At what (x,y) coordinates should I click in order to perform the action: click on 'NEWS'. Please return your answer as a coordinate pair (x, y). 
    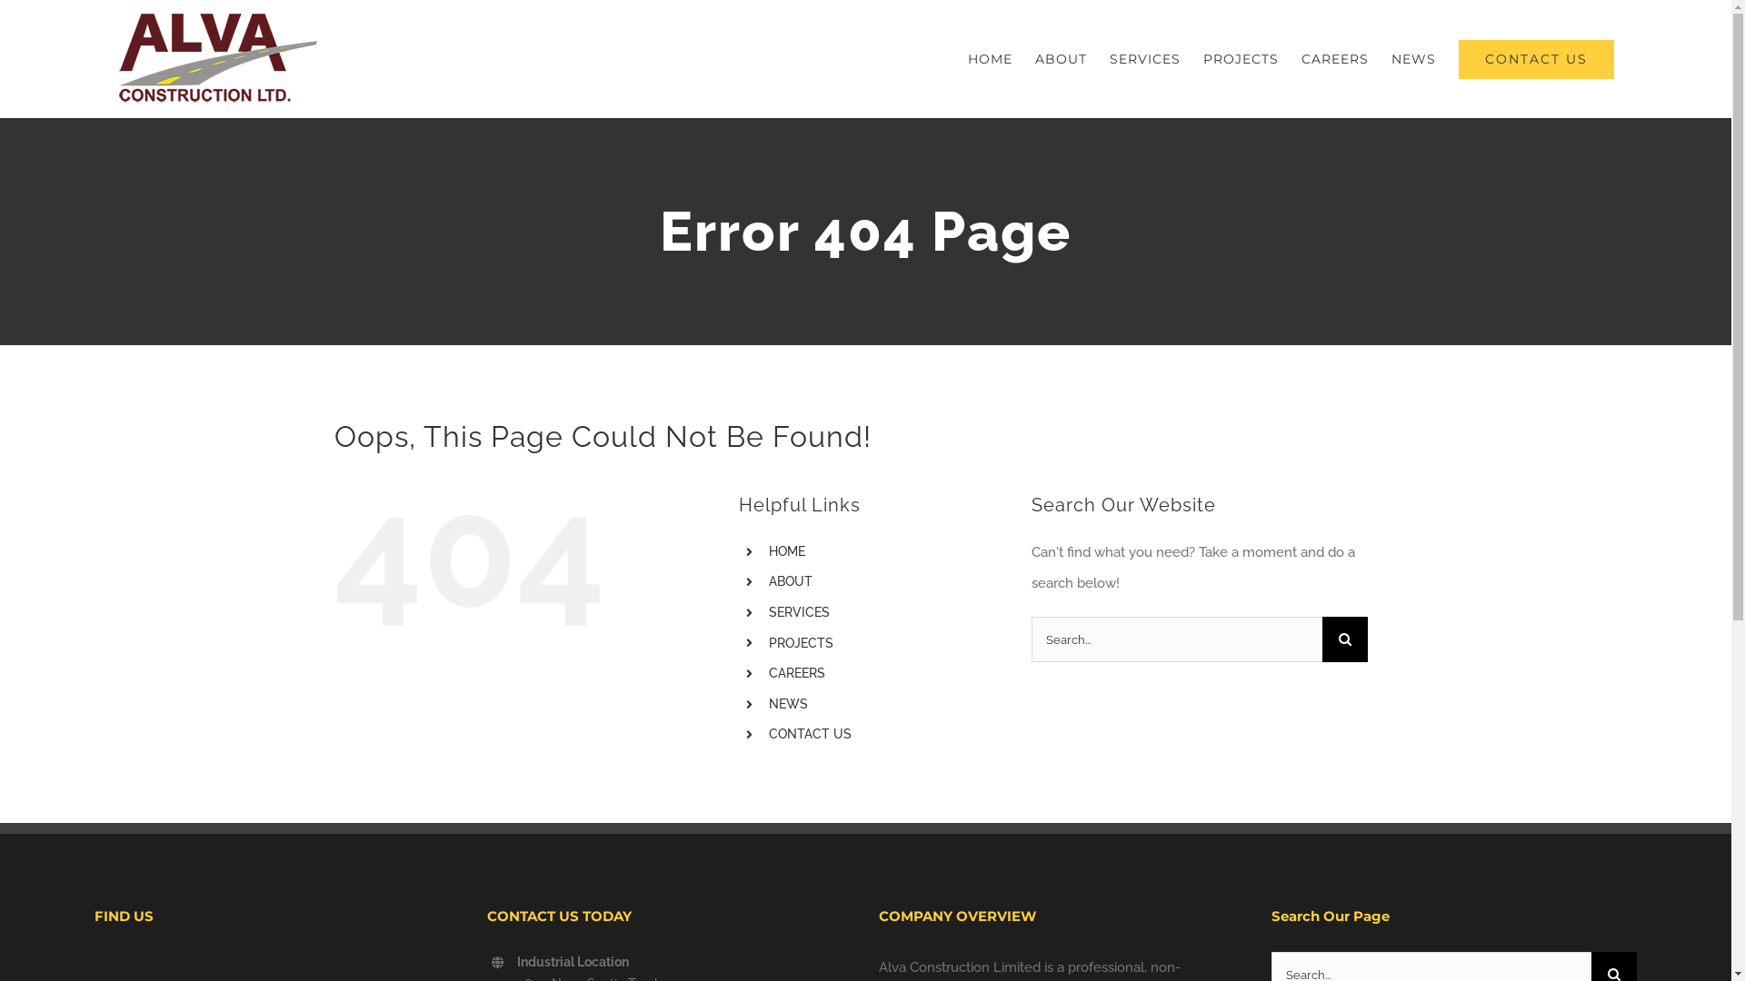
    Looking at the image, I should click on (1391, 58).